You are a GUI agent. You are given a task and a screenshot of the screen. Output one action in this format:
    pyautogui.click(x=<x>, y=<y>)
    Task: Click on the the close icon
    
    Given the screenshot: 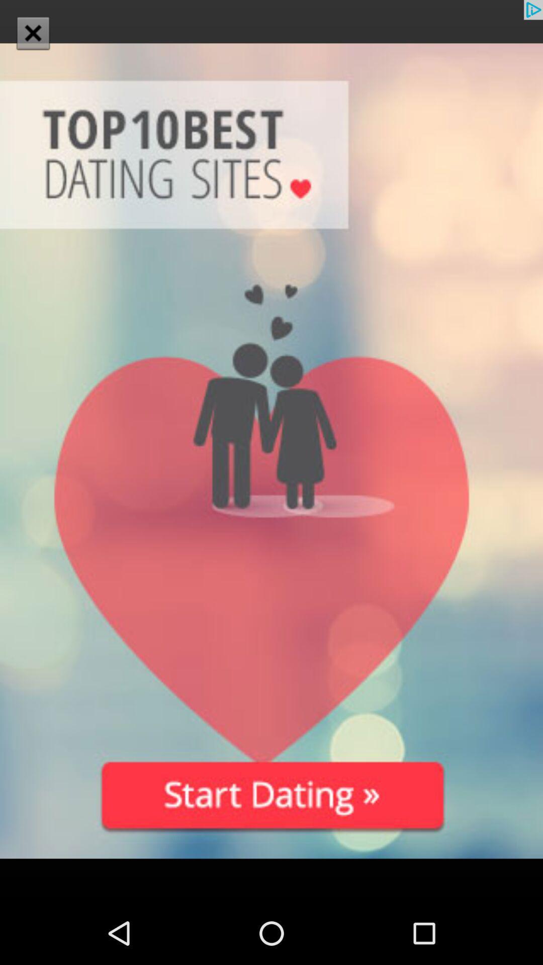 What is the action you would take?
    pyautogui.click(x=32, y=33)
    